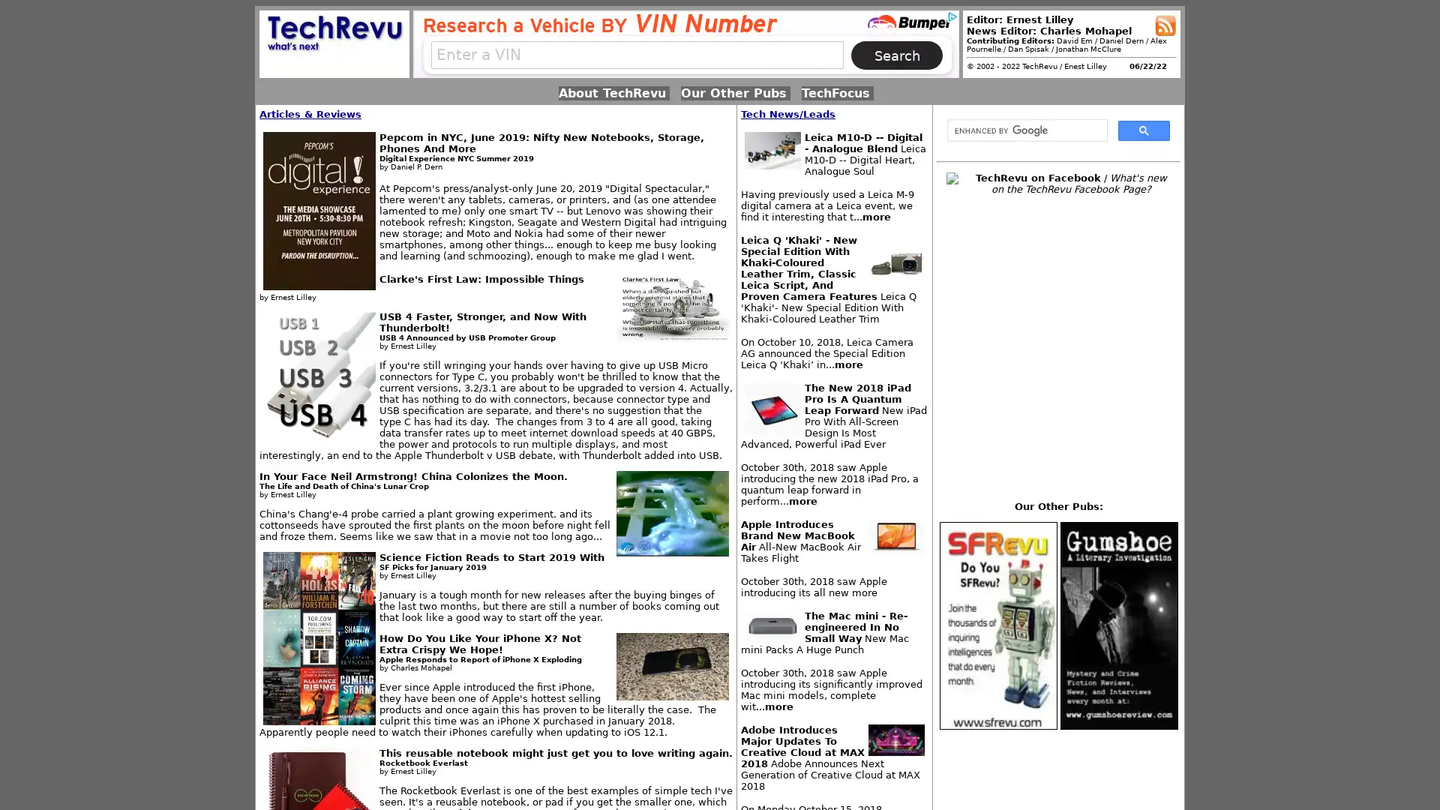 The image size is (1440, 810). What do you see at coordinates (1143, 129) in the screenshot?
I see `search` at bounding box center [1143, 129].